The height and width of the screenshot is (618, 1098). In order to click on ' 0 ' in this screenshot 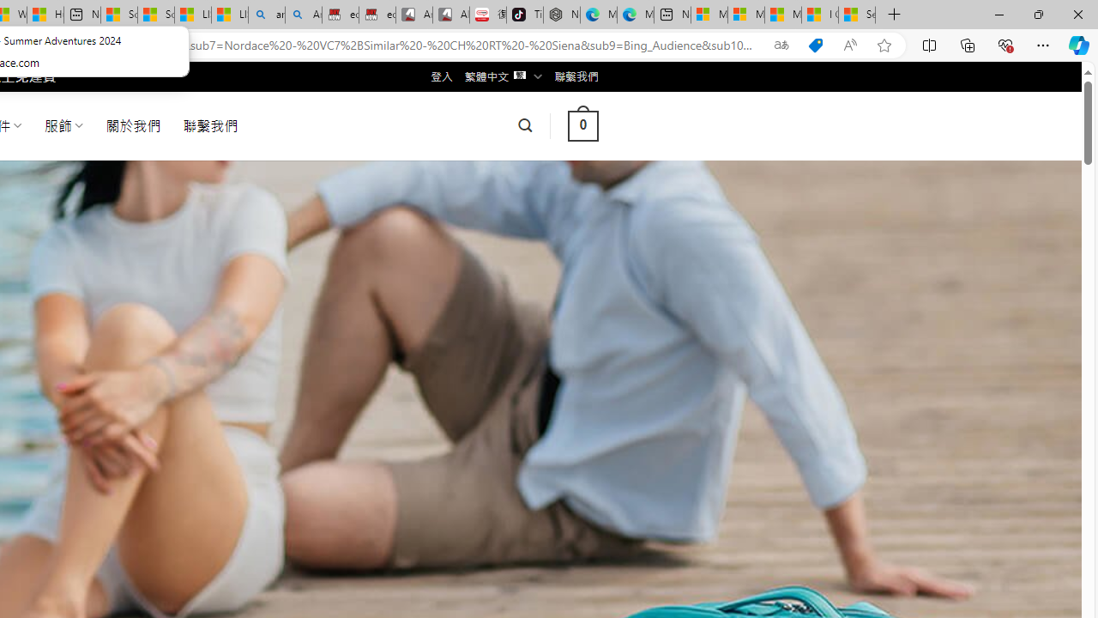, I will do `click(582, 124)`.